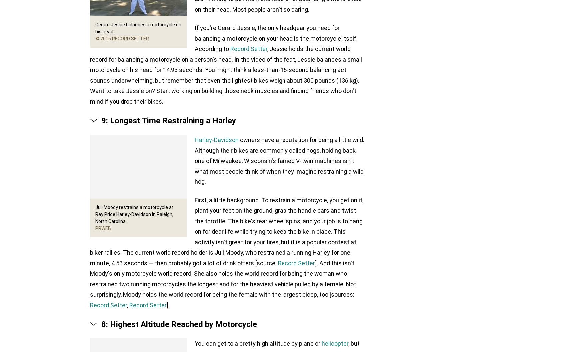 This screenshot has height=352, width=569. I want to click on 'First, a little background. To restrain a motorcycle, you get on it, plant your feet on the ground, grab the handle bars and twist the throttle. The bike's rear wheel spins, and your job is to hang on for dear life while trying to keep the bike in place. This activity isn't great for your tires, but it is a popular contest at biker rallies. The current world record holder is Juli Moody, who restrained a running Harley for one minute, 4.53 seconds — then probably got a lot of drink offers [source:', so click(90, 231).